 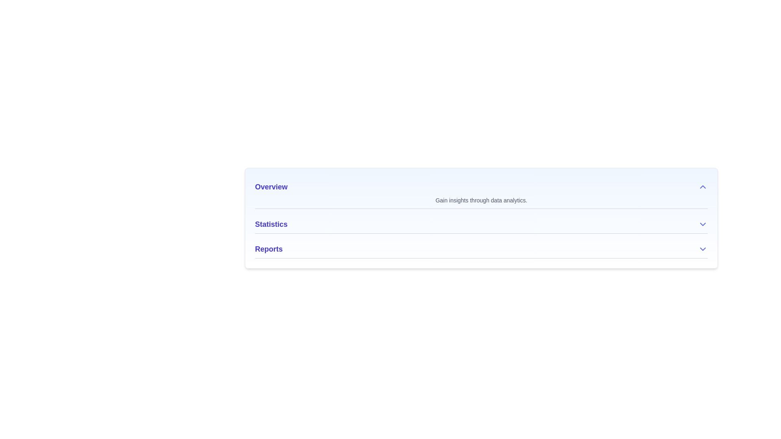 I want to click on the chevron icon at the far right end of the 'Statistics' row, so click(x=702, y=224).